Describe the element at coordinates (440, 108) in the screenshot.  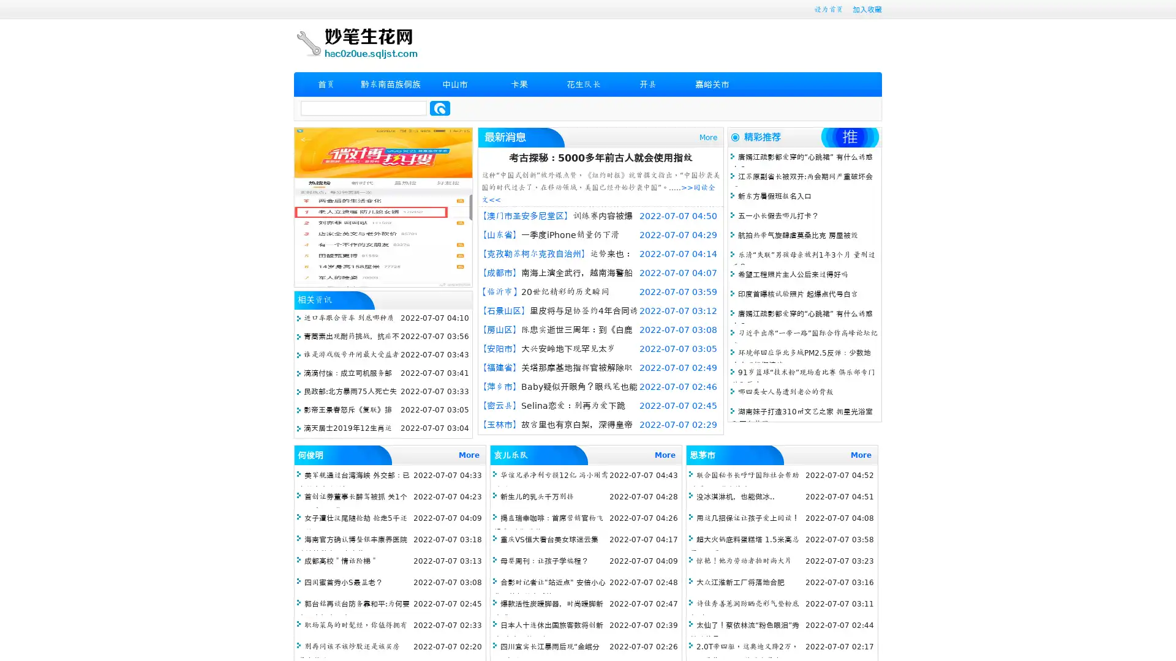
I see `Search` at that location.